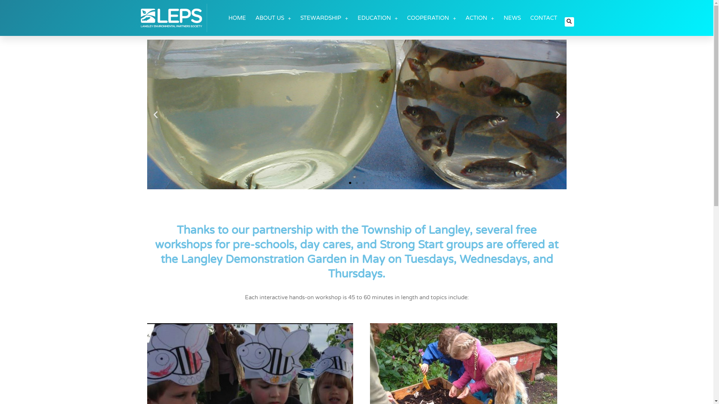 The height and width of the screenshot is (404, 719). What do you see at coordinates (255, 17) in the screenshot?
I see `'ABOUT US'` at bounding box center [255, 17].